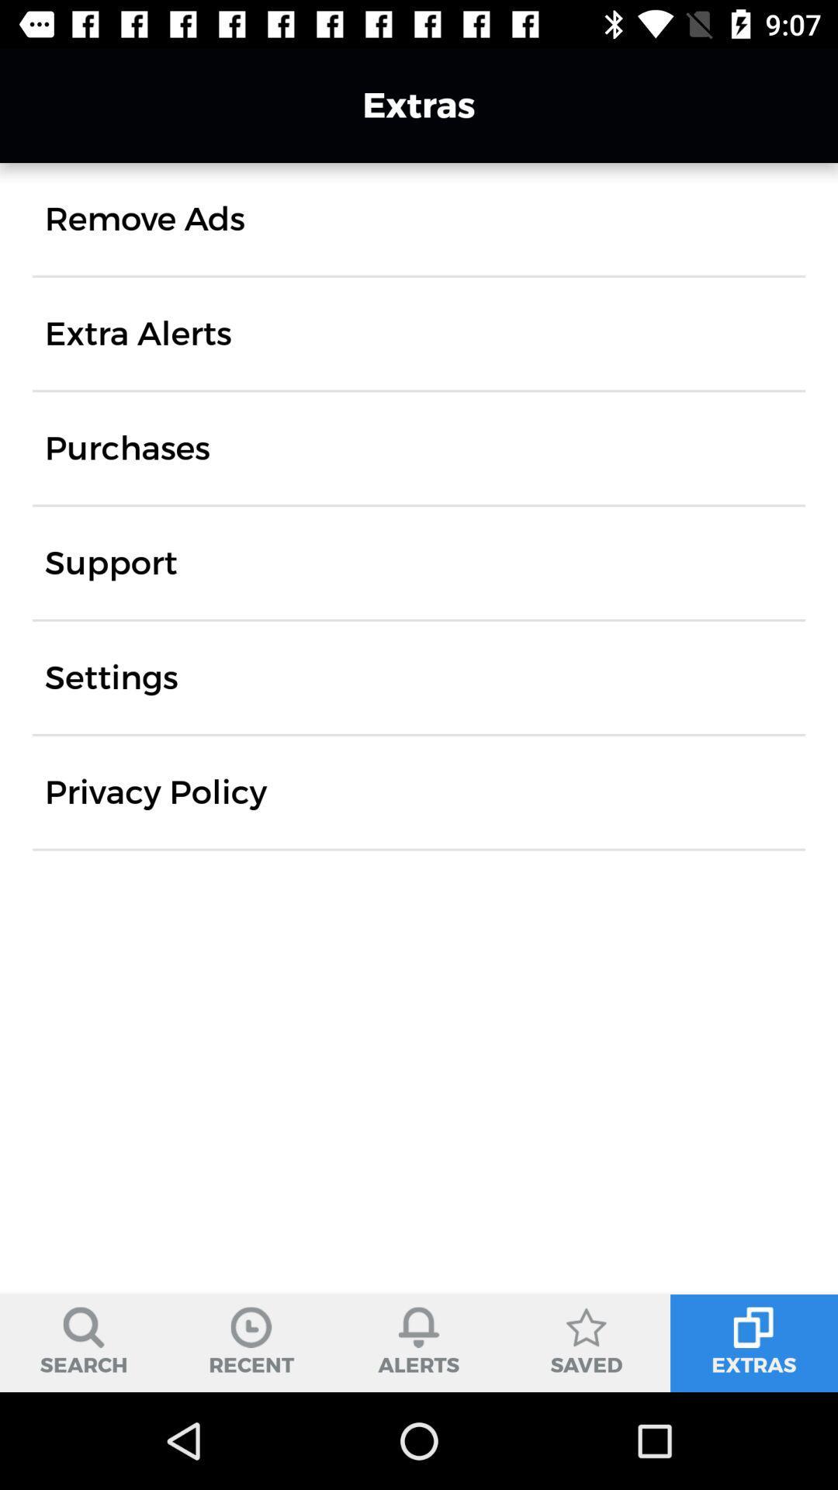  Describe the element at coordinates (137, 333) in the screenshot. I see `extra alerts icon` at that location.